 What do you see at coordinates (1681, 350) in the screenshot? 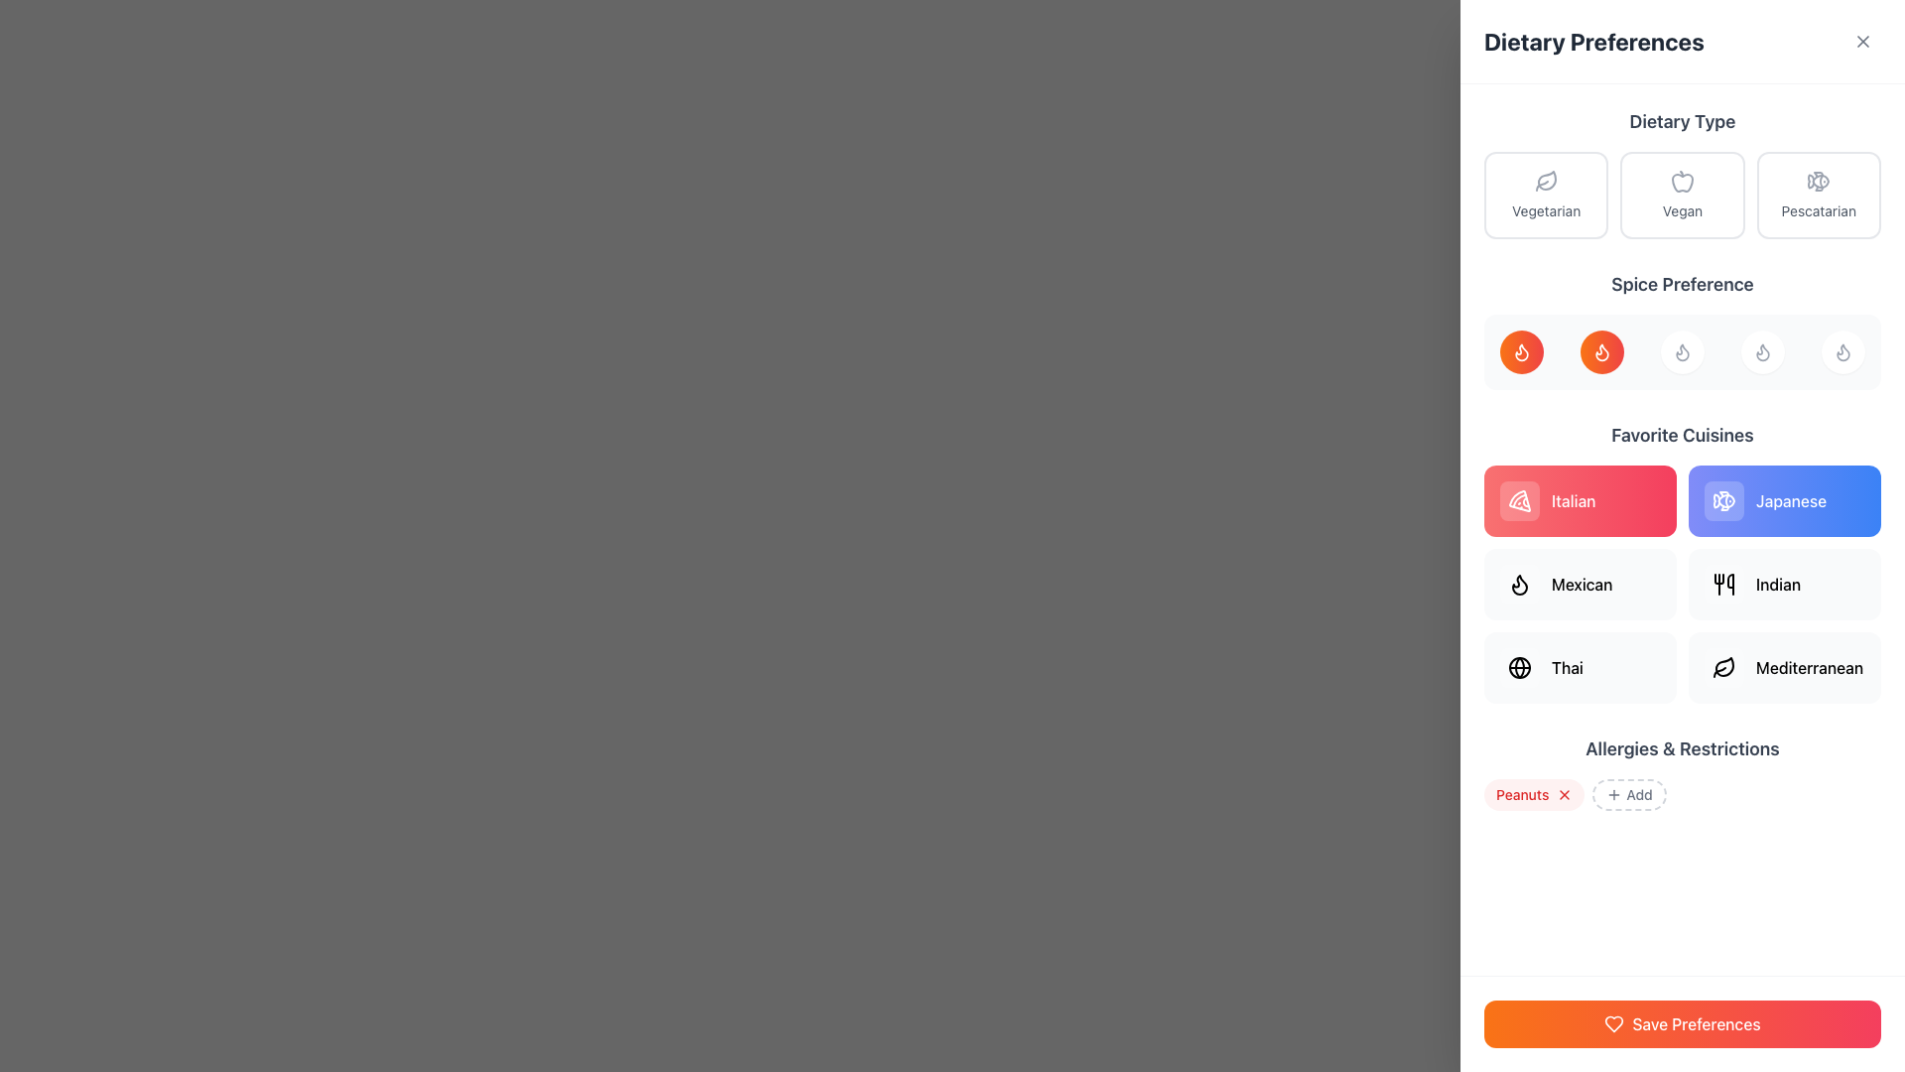
I see `the flame-shaped icon button representing the third spice level in the 'Spice Preference' section` at bounding box center [1681, 350].